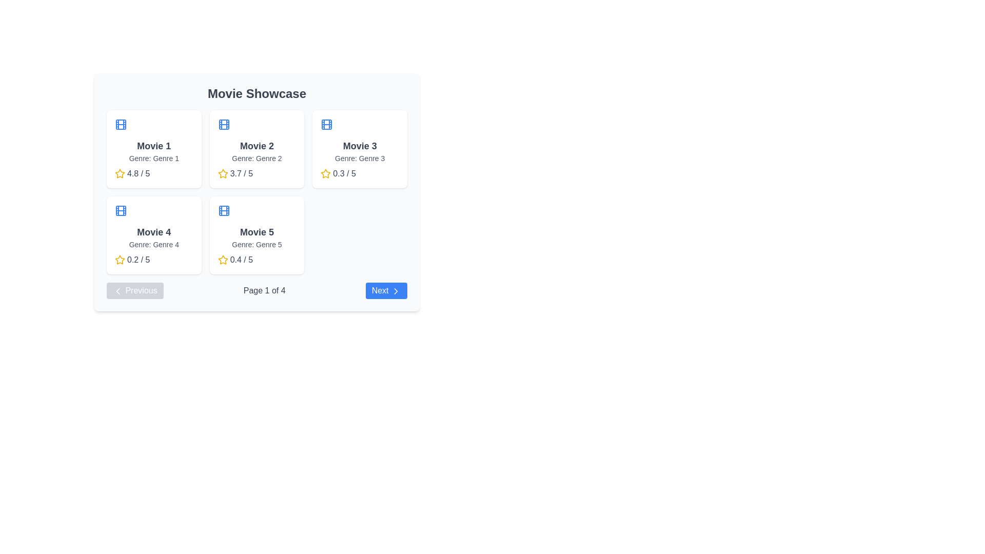 The height and width of the screenshot is (554, 985). I want to click on the text label that indicates the genre of 'Movie 1', positioned below the title and above the rating display, so click(153, 158).